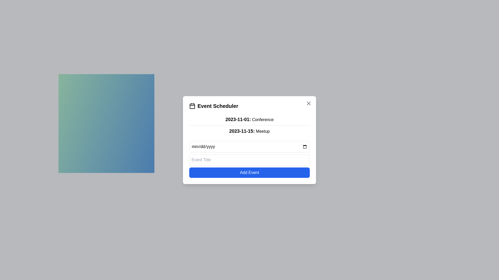 The height and width of the screenshot is (280, 499). What do you see at coordinates (249, 172) in the screenshot?
I see `the rectangular button with a solid blue background and white text reading 'Add Event'` at bounding box center [249, 172].